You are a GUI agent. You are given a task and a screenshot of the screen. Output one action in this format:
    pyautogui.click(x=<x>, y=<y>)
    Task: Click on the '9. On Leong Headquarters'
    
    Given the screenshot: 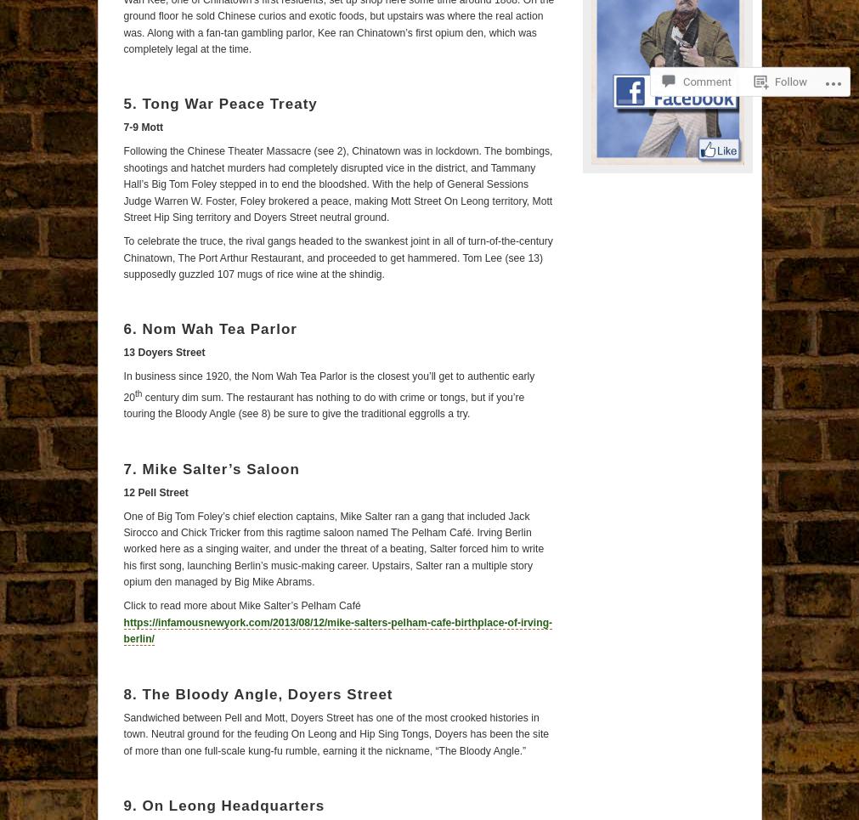 What is the action you would take?
    pyautogui.click(x=223, y=805)
    